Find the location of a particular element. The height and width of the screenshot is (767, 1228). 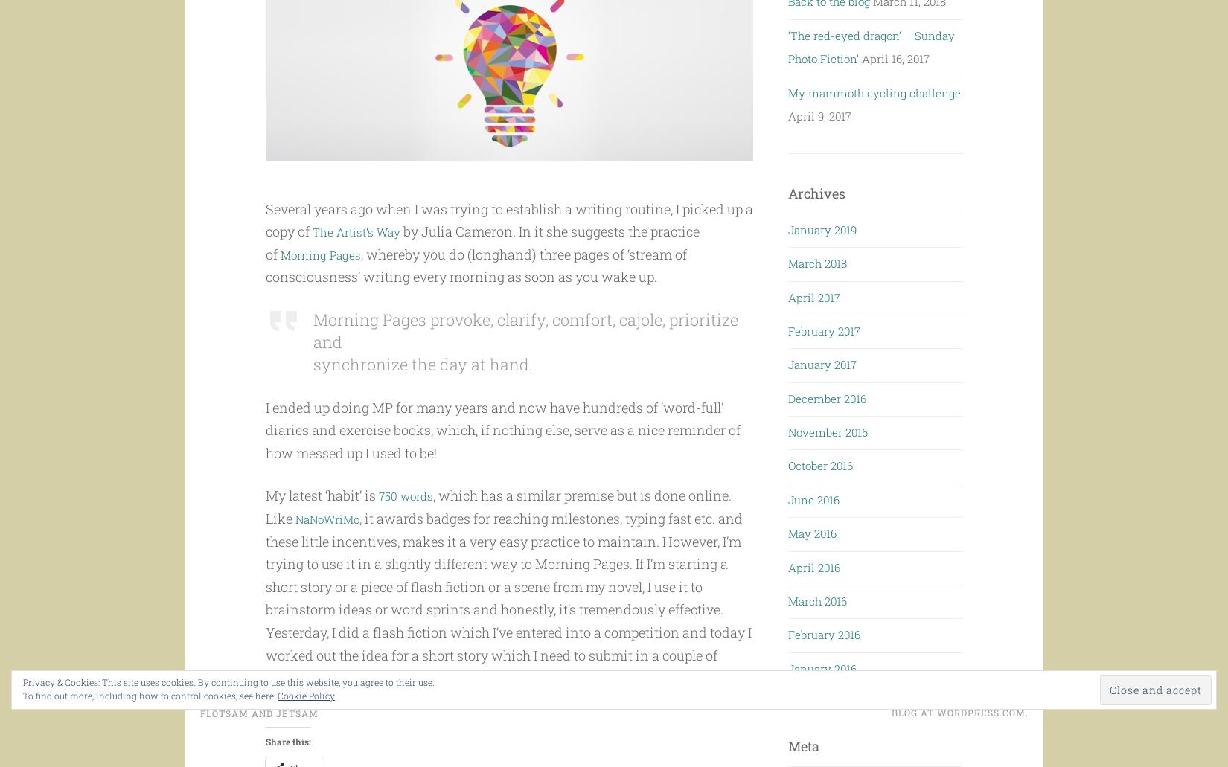

'January 2016' is located at coordinates (822, 668).